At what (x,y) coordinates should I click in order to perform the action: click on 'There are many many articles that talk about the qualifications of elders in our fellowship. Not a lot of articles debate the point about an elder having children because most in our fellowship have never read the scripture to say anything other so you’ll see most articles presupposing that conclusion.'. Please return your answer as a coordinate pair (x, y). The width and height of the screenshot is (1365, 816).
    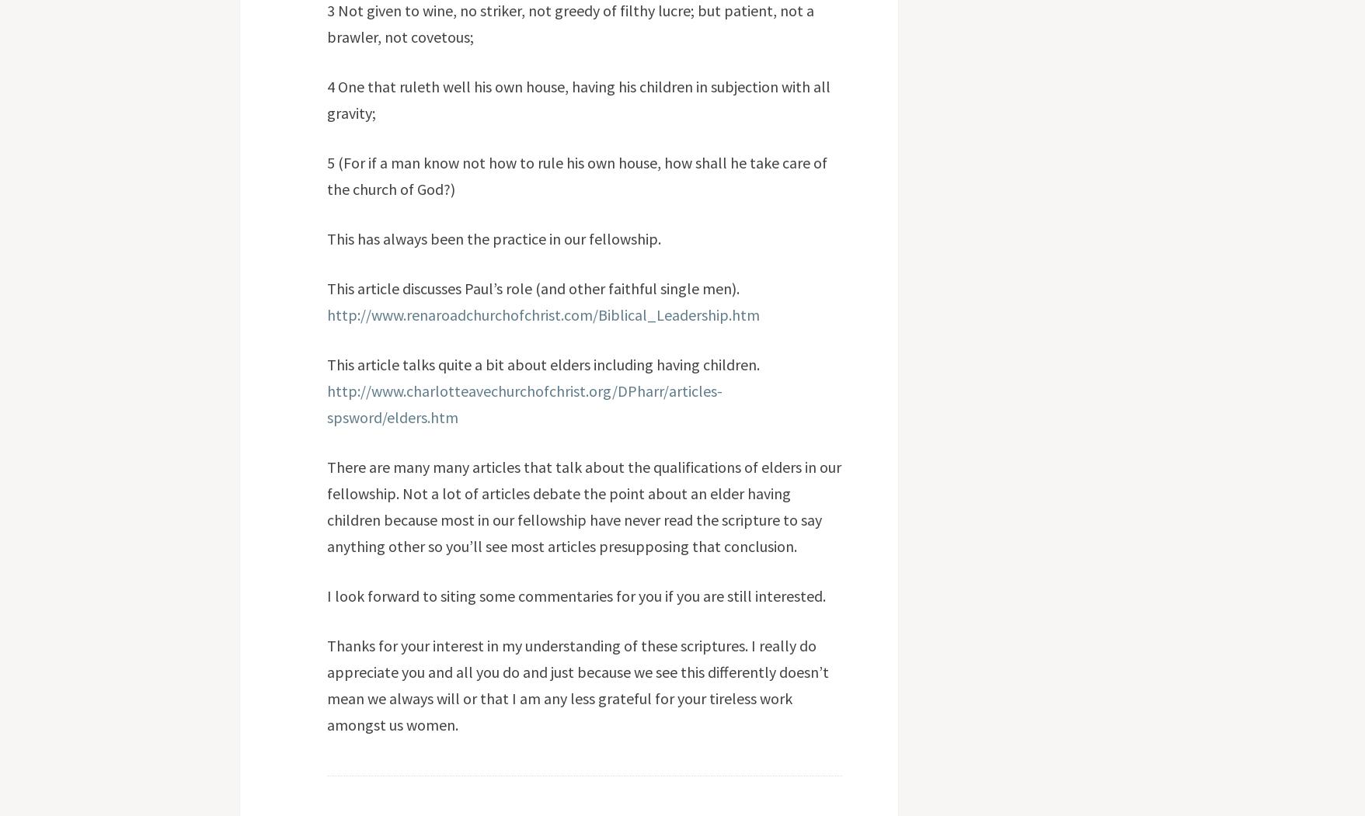
    Looking at the image, I should click on (582, 505).